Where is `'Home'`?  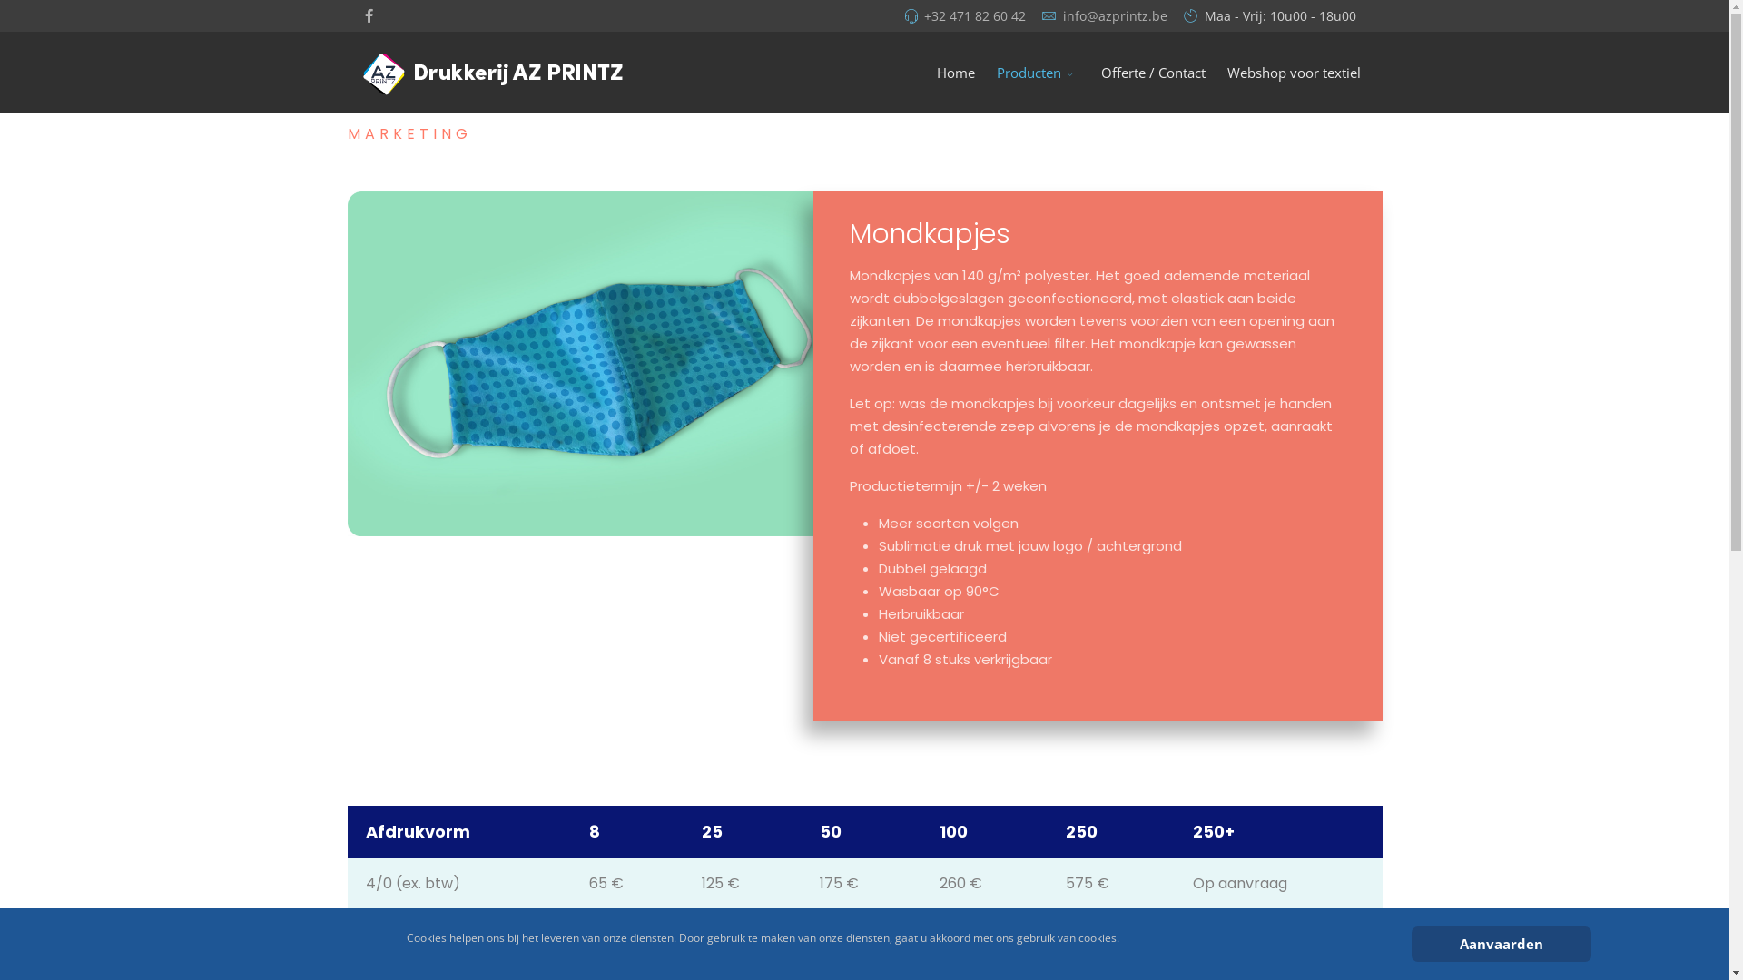 'Home' is located at coordinates (925, 72).